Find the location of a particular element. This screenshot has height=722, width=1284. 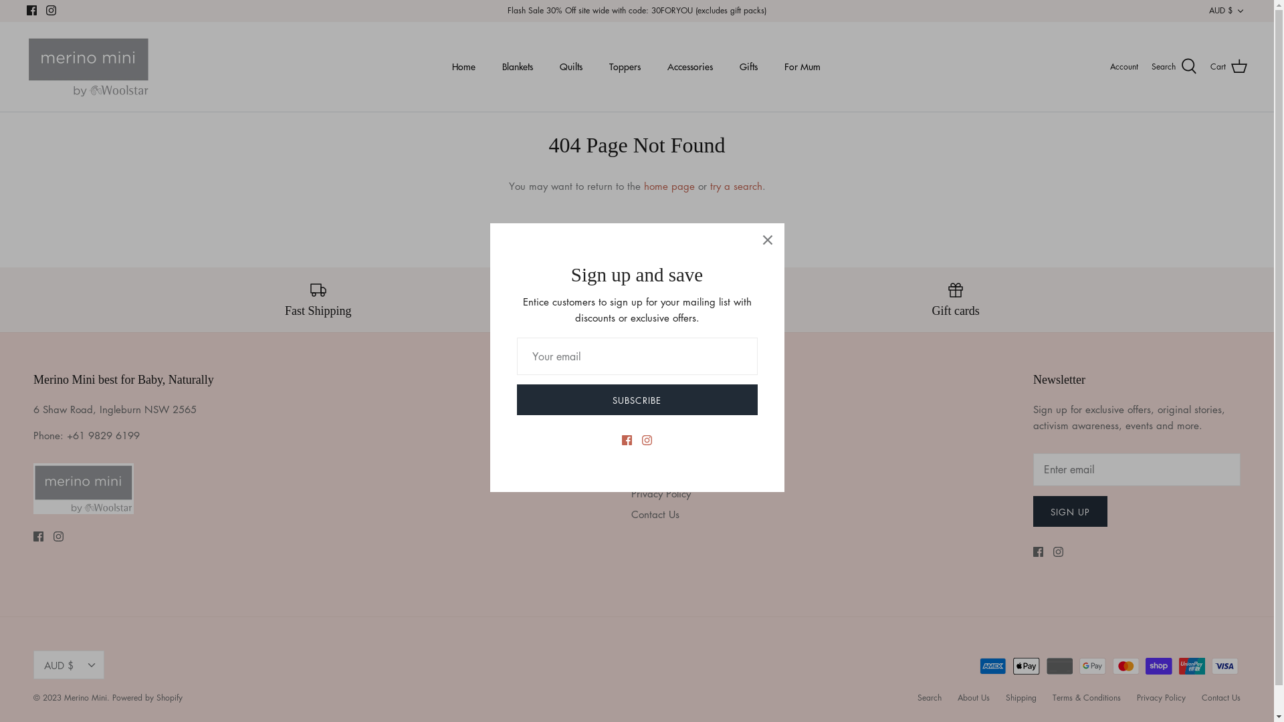

'Search' is located at coordinates (917, 697).